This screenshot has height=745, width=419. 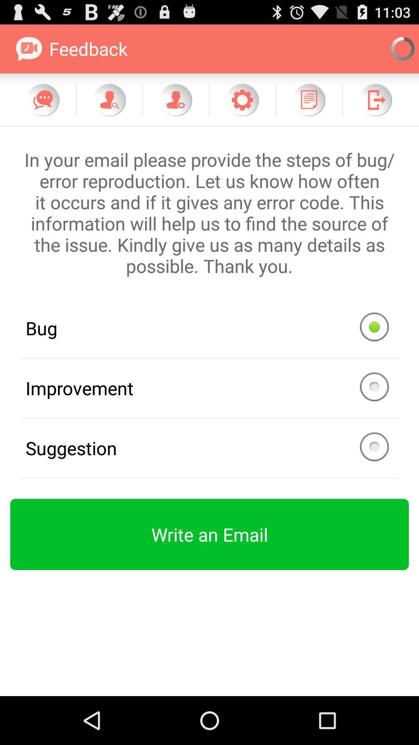 I want to click on the chat icon, so click(x=43, y=106).